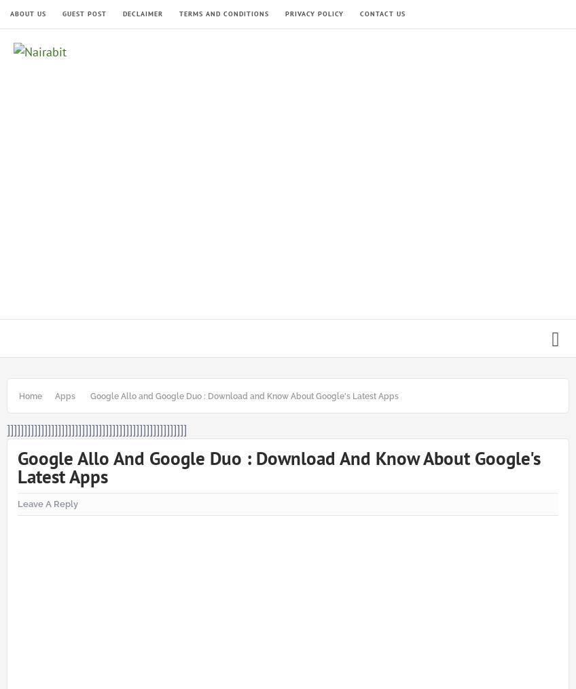  Describe the element at coordinates (62, 13) in the screenshot. I see `'Guest Post'` at that location.